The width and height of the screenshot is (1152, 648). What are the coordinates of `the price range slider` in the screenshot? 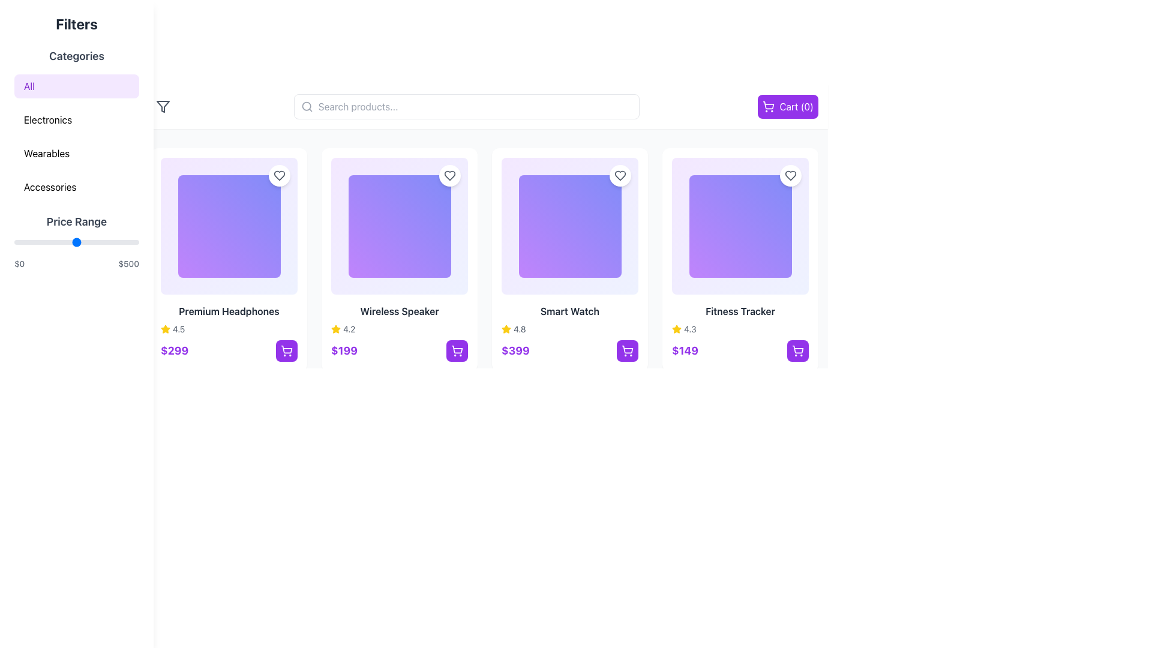 It's located at (68, 242).